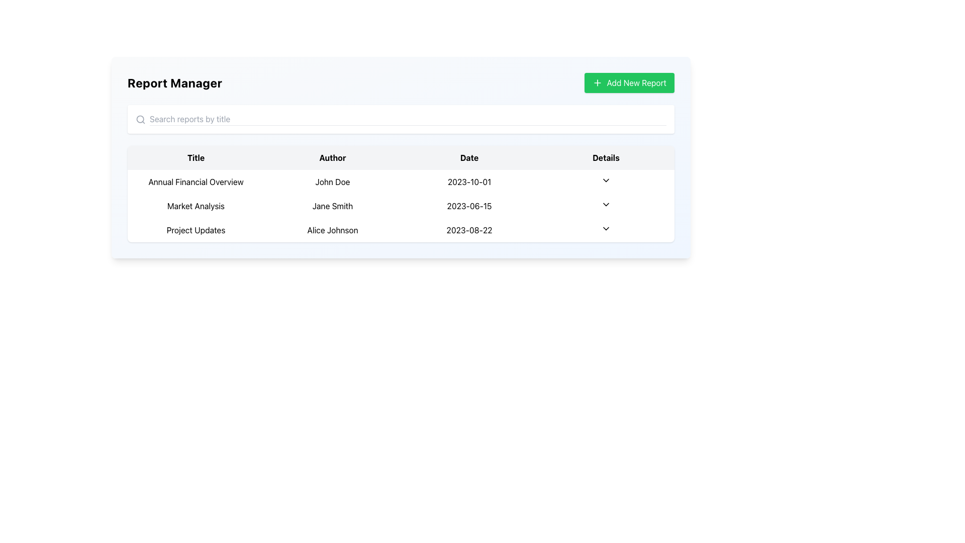 Image resolution: width=965 pixels, height=543 pixels. What do you see at coordinates (605, 179) in the screenshot?
I see `the Dropdown Toggle Icon in the 'Details' column of the first row of the Report Manager table for the report titled 'Annual Financial Overview'` at bounding box center [605, 179].